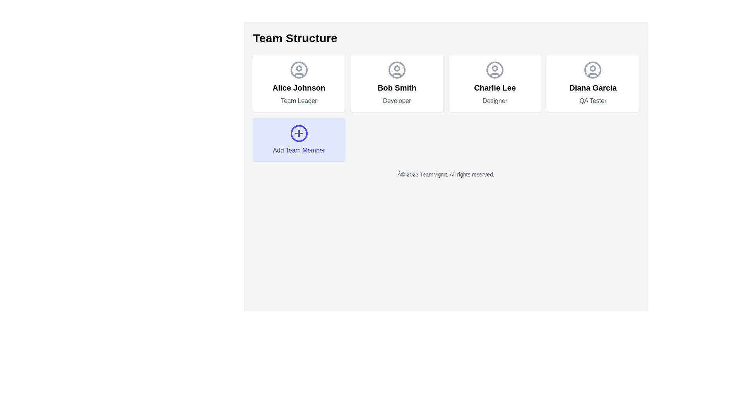 Image resolution: width=743 pixels, height=418 pixels. Describe the element at coordinates (397, 101) in the screenshot. I see `the text label displaying 'Developer' in gray font, located at the bottom of the card for 'Bob Smith' in the 'Team Structure' interface` at that location.